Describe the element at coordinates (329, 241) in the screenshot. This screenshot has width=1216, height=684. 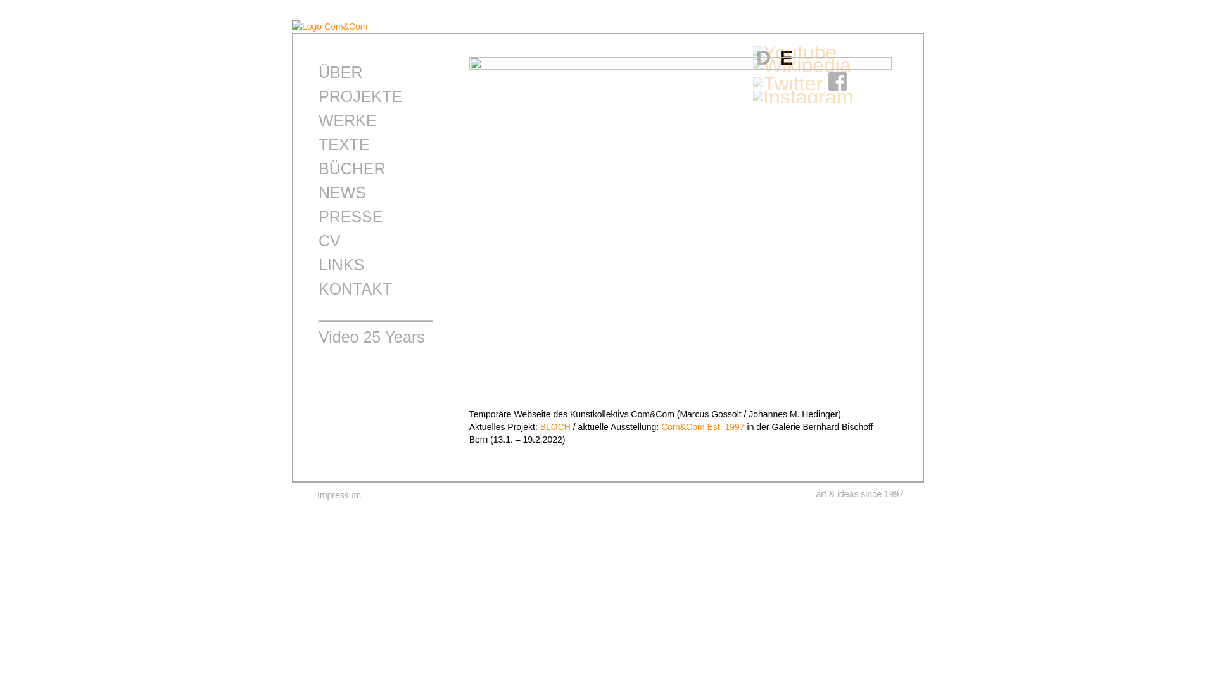
I see `'CV'` at that location.